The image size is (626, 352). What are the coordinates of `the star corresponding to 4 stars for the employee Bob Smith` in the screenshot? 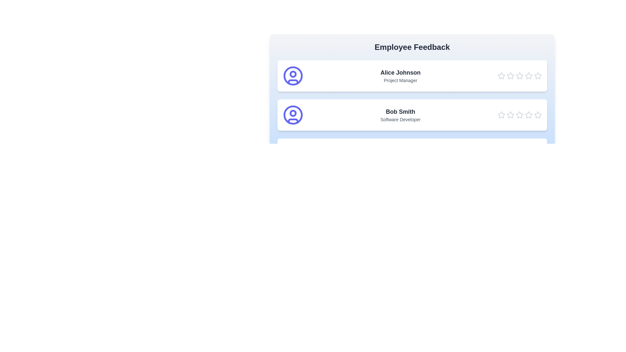 It's located at (529, 115).